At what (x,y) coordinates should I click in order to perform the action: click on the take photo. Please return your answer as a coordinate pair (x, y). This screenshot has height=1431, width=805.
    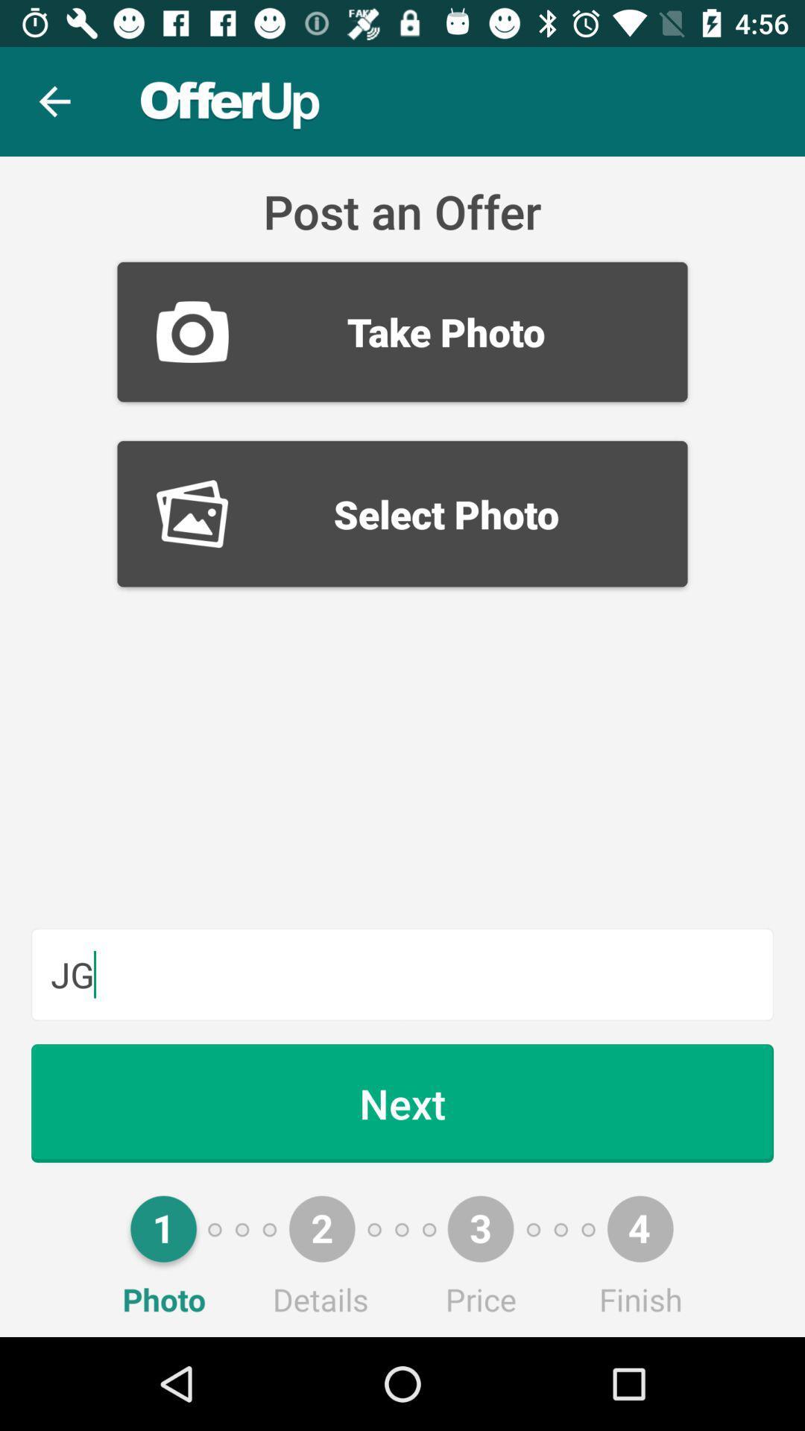
    Looking at the image, I should click on (402, 331).